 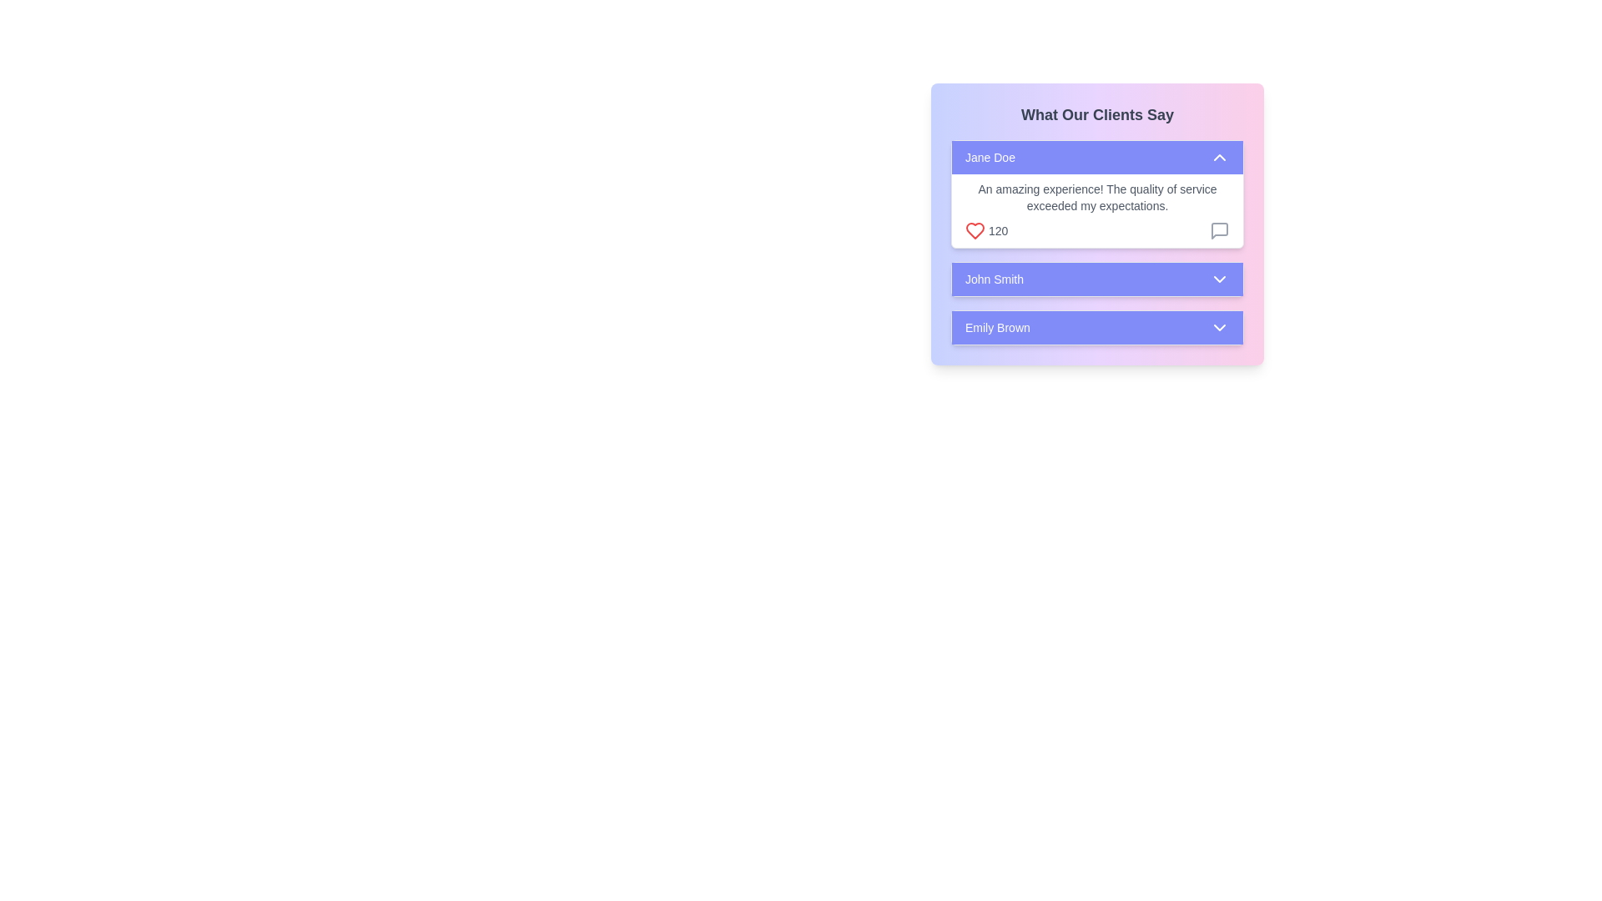 I want to click on the displayed value of the Statistical Counter with Icon that shows '120' next to a red heart icon, so click(x=986, y=231).